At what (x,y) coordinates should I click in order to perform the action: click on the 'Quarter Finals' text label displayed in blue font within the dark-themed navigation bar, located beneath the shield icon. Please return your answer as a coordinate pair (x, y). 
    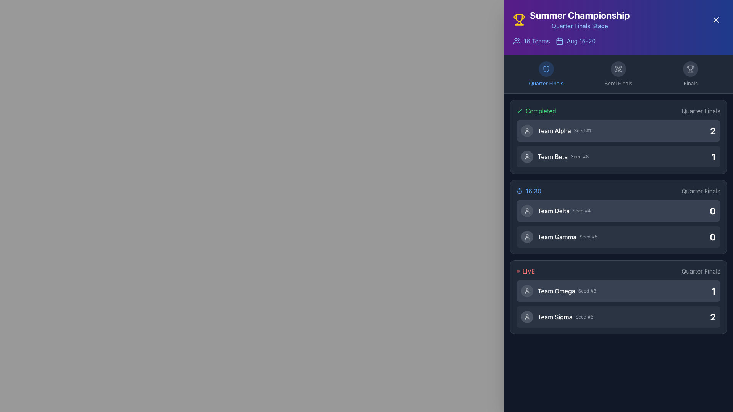
    Looking at the image, I should click on (546, 84).